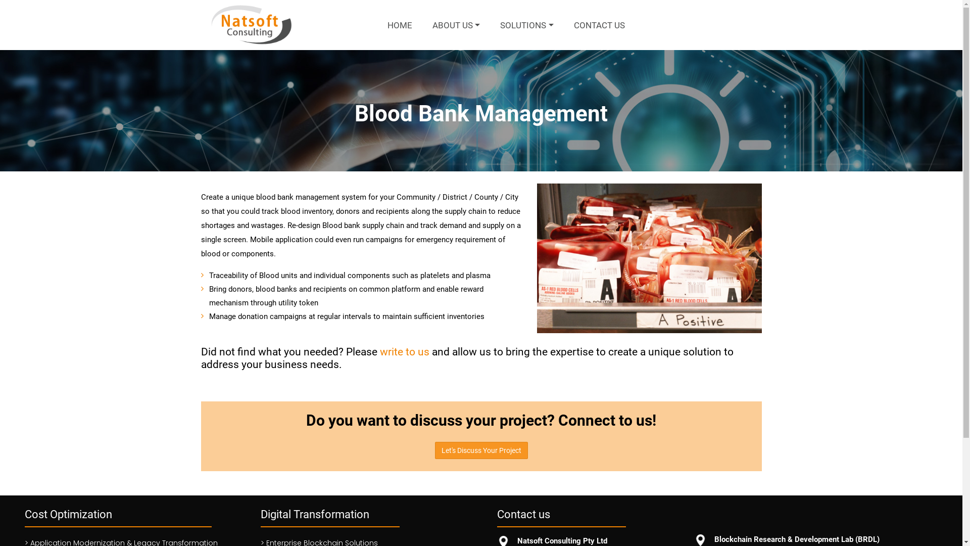  Describe the element at coordinates (379, 351) in the screenshot. I see `'write to us'` at that location.